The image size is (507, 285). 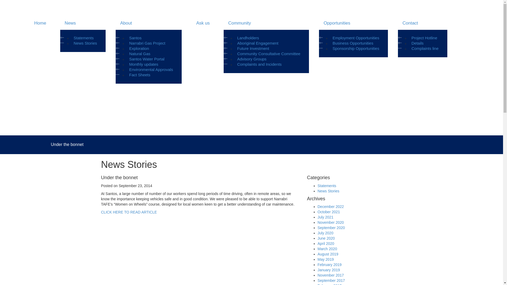 I want to click on 'November 2020', so click(x=317, y=222).